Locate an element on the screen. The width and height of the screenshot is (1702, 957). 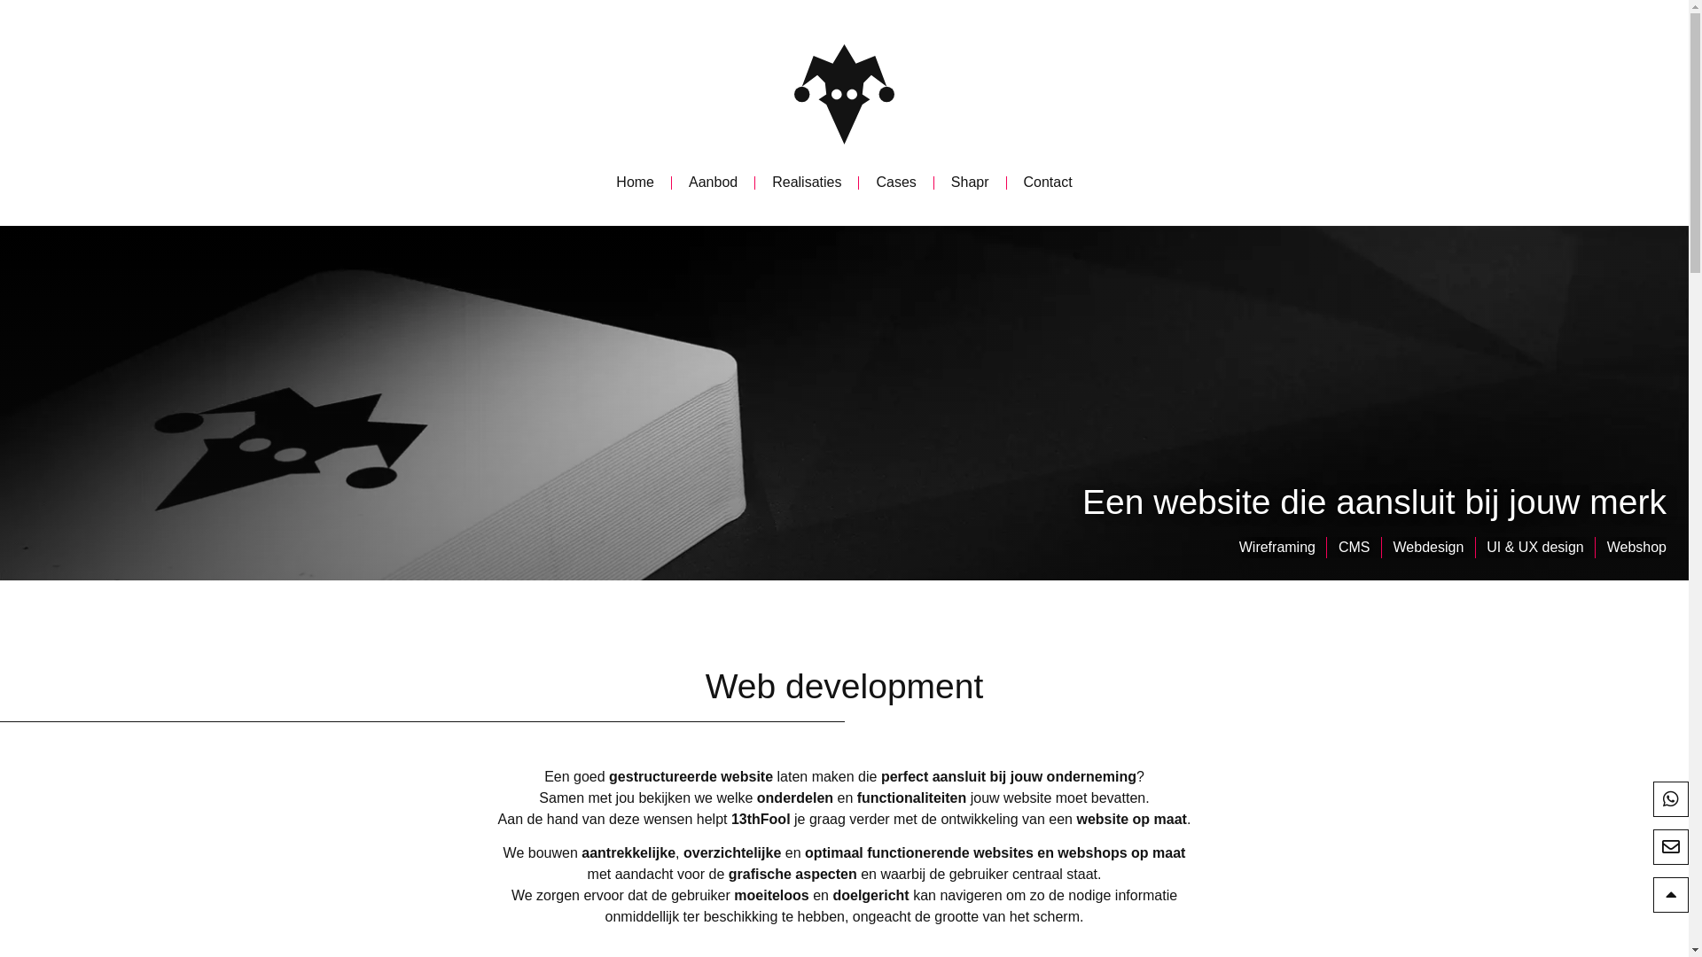
'grafische aspecten' is located at coordinates (792, 873).